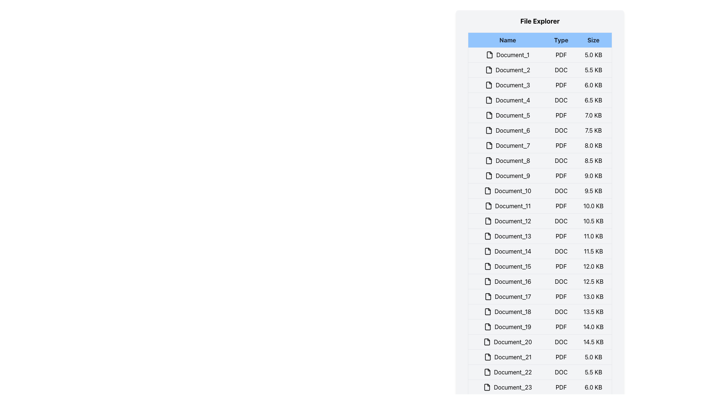  What do you see at coordinates (540, 311) in the screenshot?
I see `the 18th file item` at bounding box center [540, 311].